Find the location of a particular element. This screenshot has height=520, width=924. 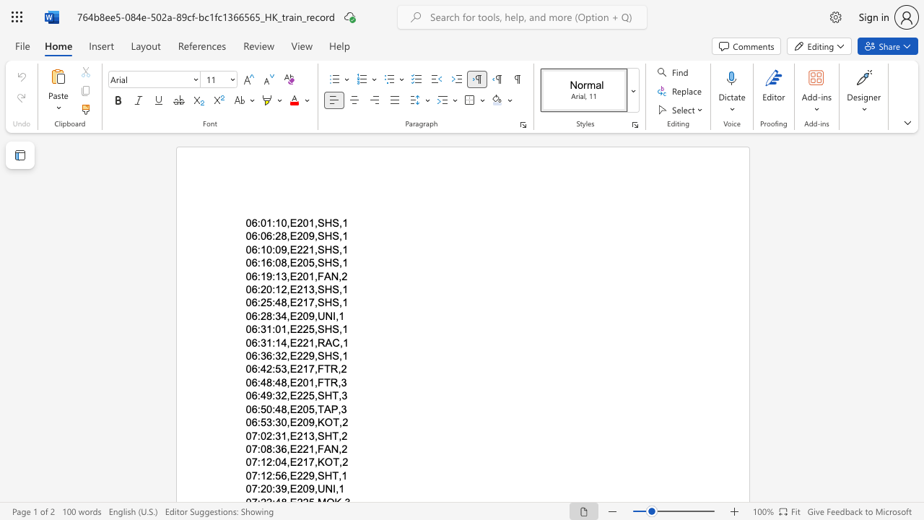

the space between the continuous character "S" and "H" in the text is located at coordinates (323, 263).